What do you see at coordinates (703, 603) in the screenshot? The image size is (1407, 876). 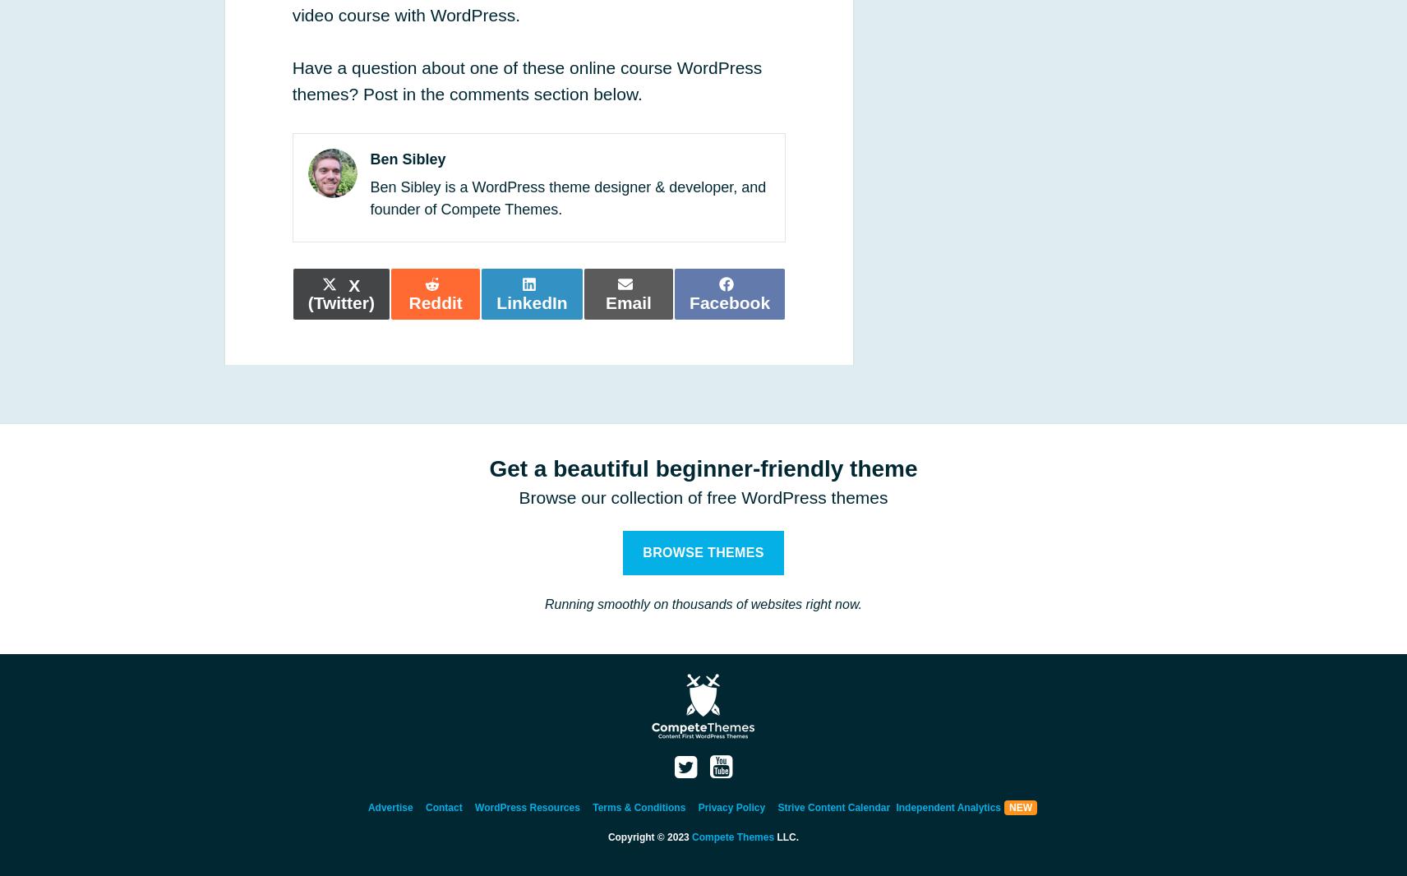 I see `'Running smoothly on thousands of websites right now.'` at bounding box center [703, 603].